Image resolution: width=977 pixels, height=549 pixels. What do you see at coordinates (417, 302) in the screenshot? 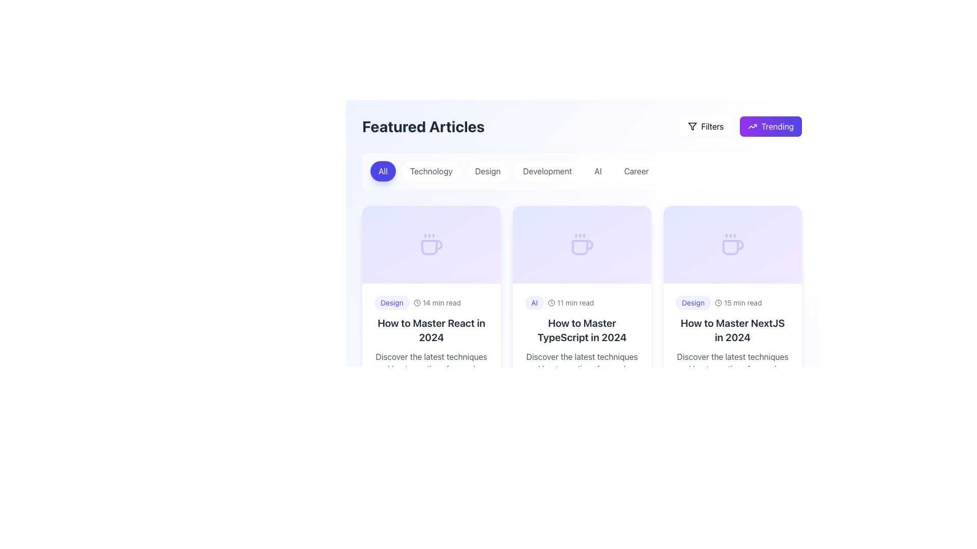
I see `the circular shape of the clock icon located in the top-right corner of the list item labeled 'How to Master React in 2024.'` at bounding box center [417, 302].